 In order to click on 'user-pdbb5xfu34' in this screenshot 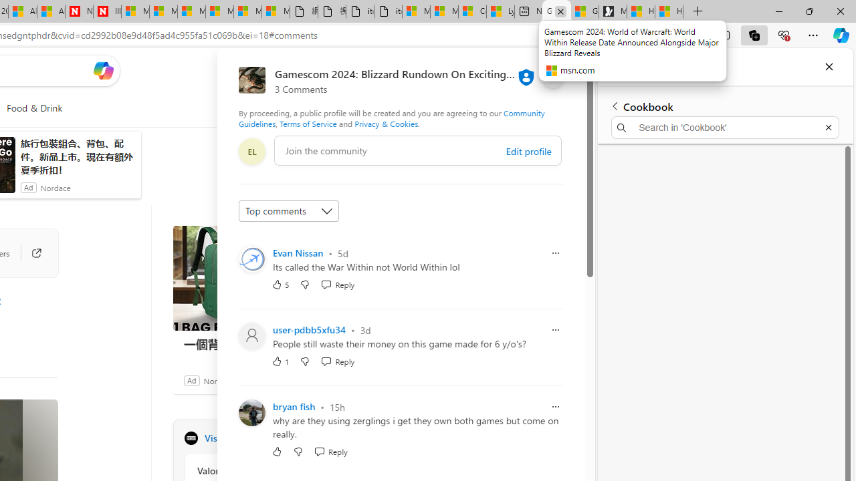, I will do `click(309, 329)`.